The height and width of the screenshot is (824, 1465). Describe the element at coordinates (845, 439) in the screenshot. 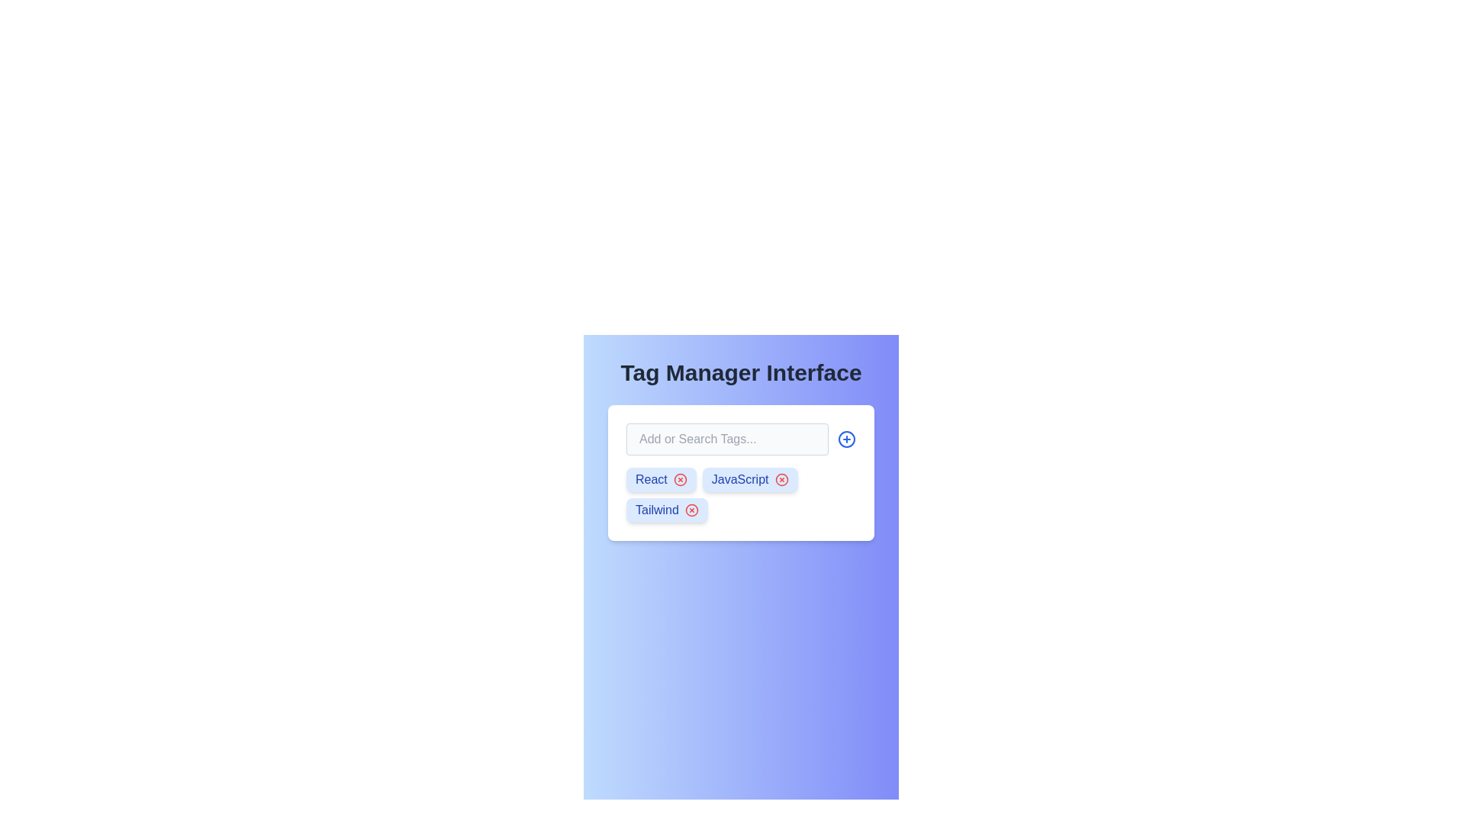

I see `the SVG circle indicating the addition of new items, located in the top right corner of the input field for tags` at that location.